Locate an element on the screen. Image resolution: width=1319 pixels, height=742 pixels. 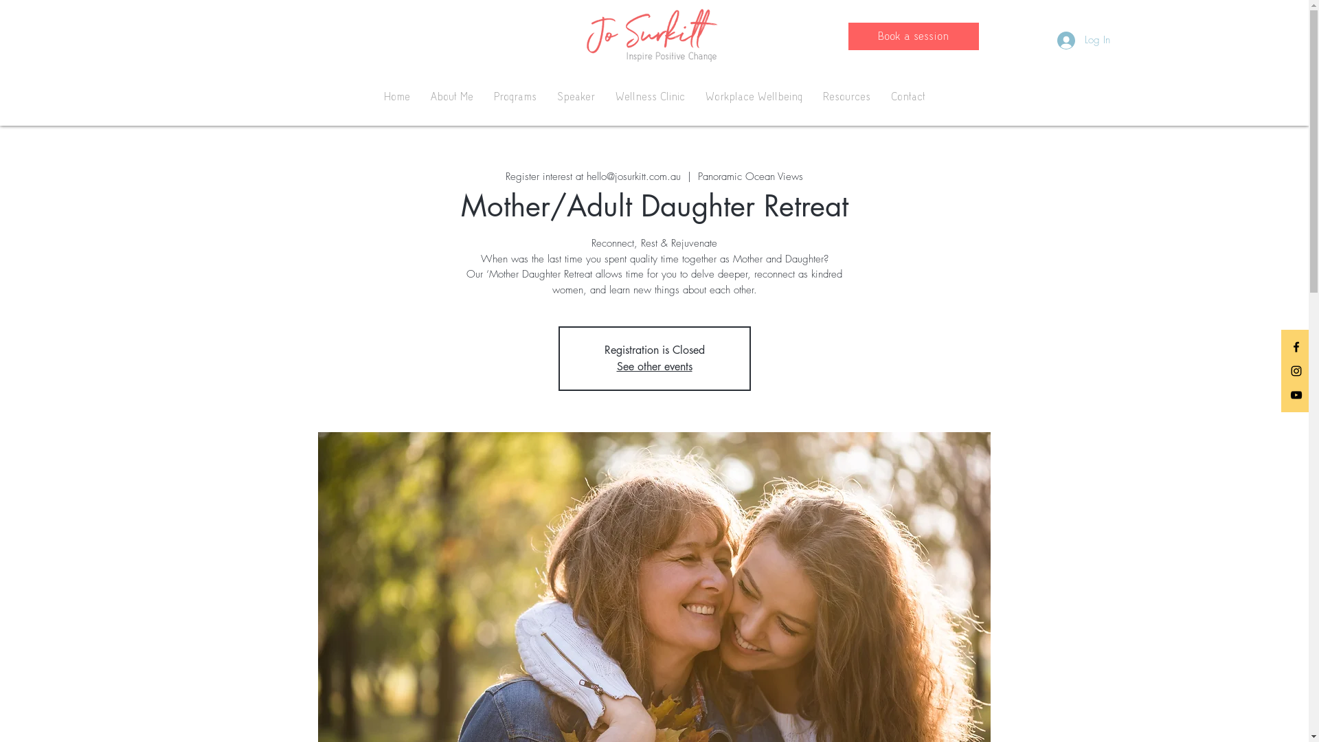
'Wellness Clinic' is located at coordinates (604, 96).